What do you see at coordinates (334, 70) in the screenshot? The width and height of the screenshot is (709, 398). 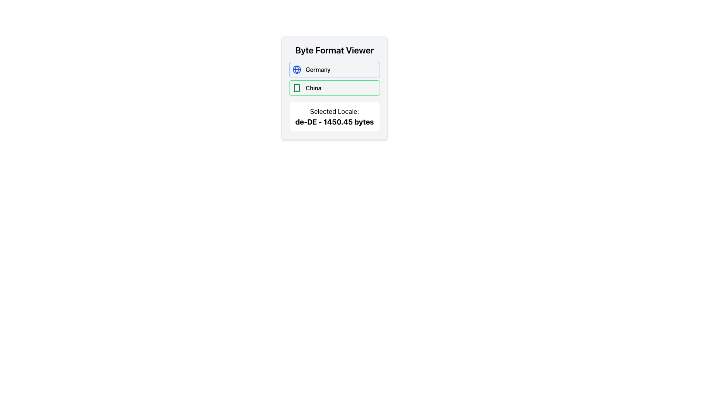 I see `on the second selectable list item labeled 'Germany' below the title 'Byte Format Viewer'` at bounding box center [334, 70].